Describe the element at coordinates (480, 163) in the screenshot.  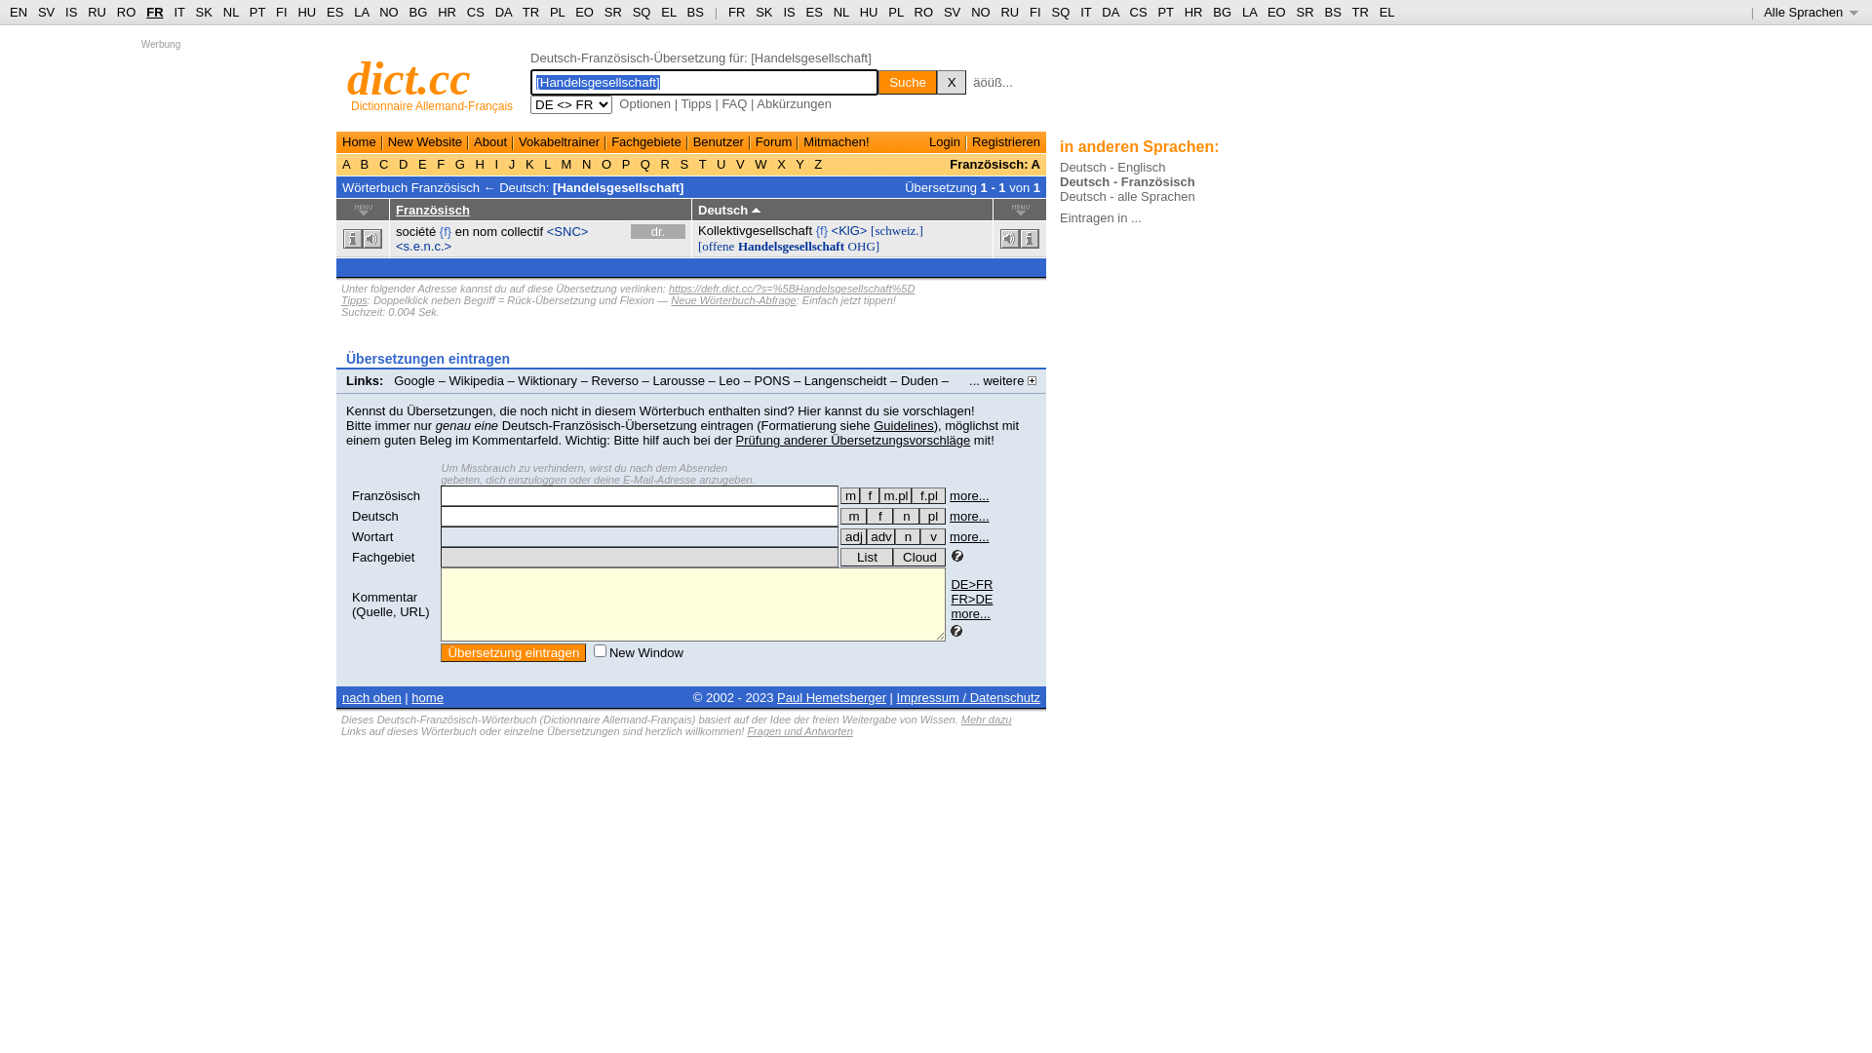
I see `'H'` at that location.